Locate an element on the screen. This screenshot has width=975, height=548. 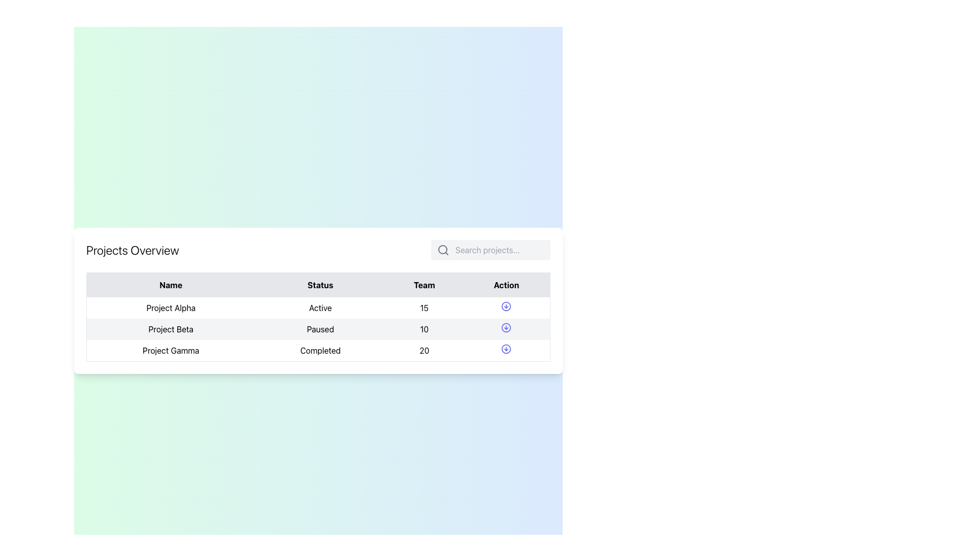
the circular blue button with a downward arrow located in the 'Action' column for 'Project Beta', which is the second button from the top is located at coordinates (506, 327).